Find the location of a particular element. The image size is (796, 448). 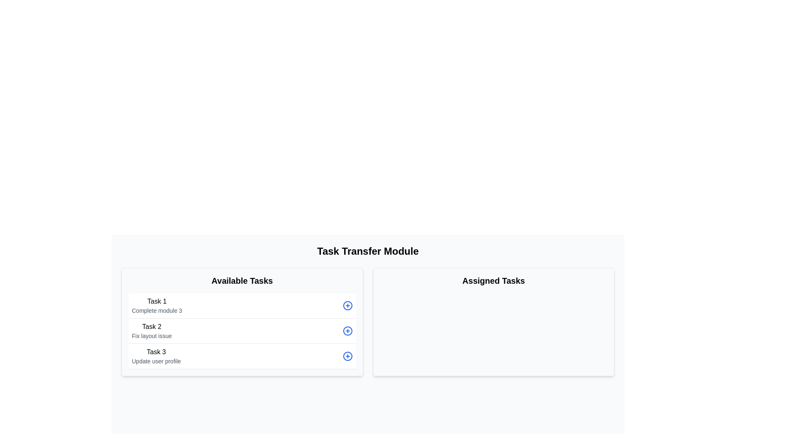

text content of the Text Display Component that shows 'Task 3' with the description 'Update user profile', positioned as the third item under 'Available Tasks' is located at coordinates (156, 356).